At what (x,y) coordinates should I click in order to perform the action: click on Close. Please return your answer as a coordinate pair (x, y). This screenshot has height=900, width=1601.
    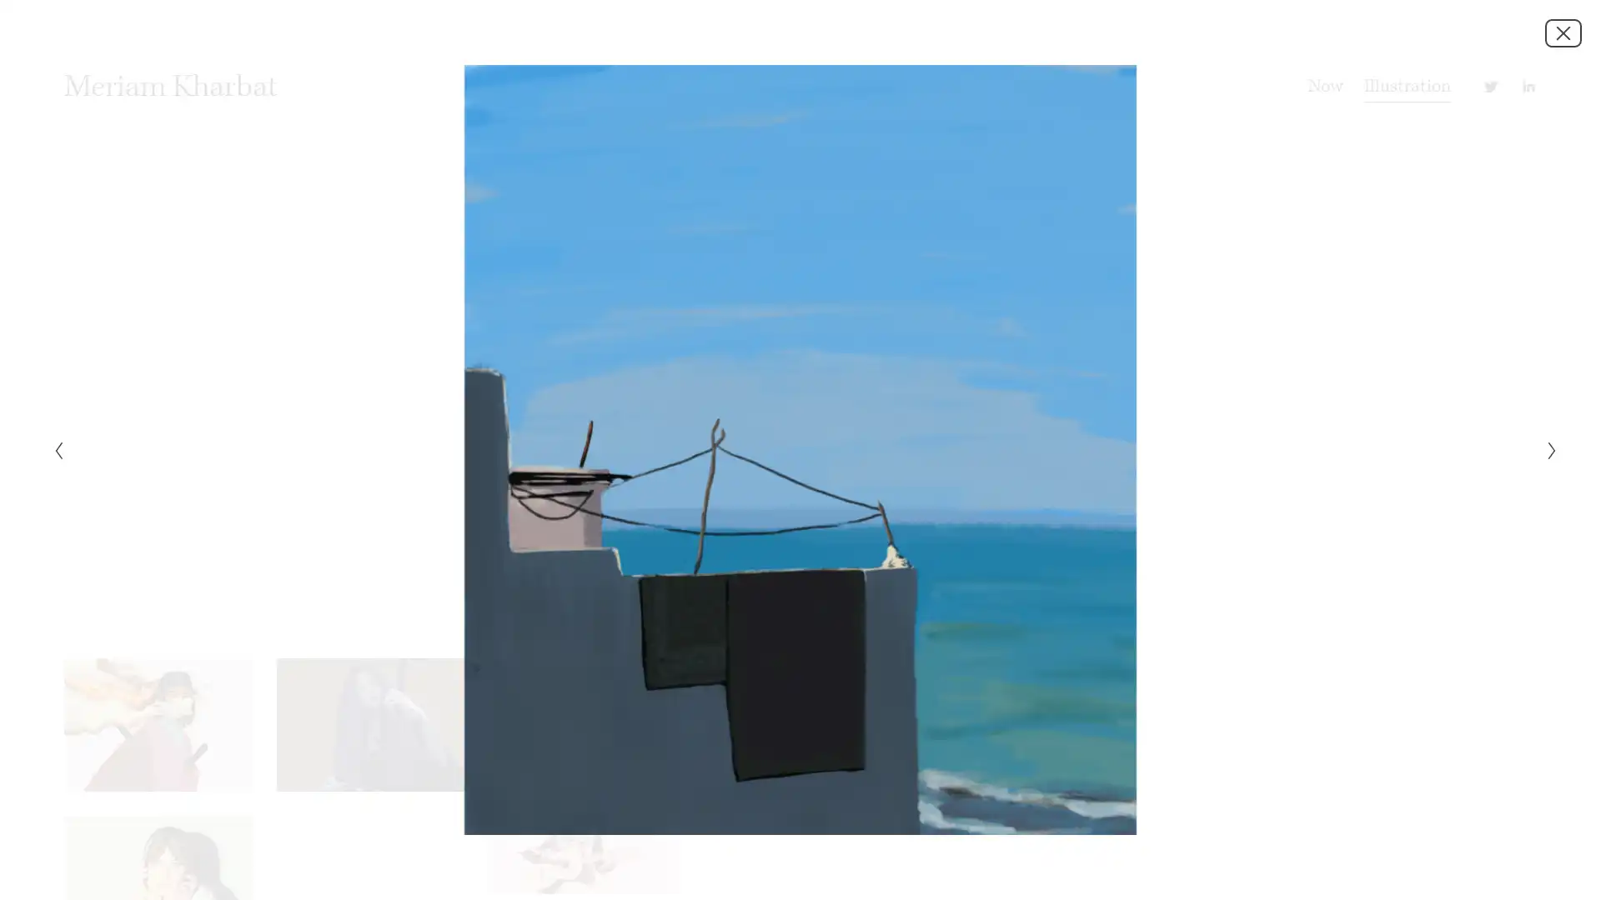
    Looking at the image, I should click on (1563, 32).